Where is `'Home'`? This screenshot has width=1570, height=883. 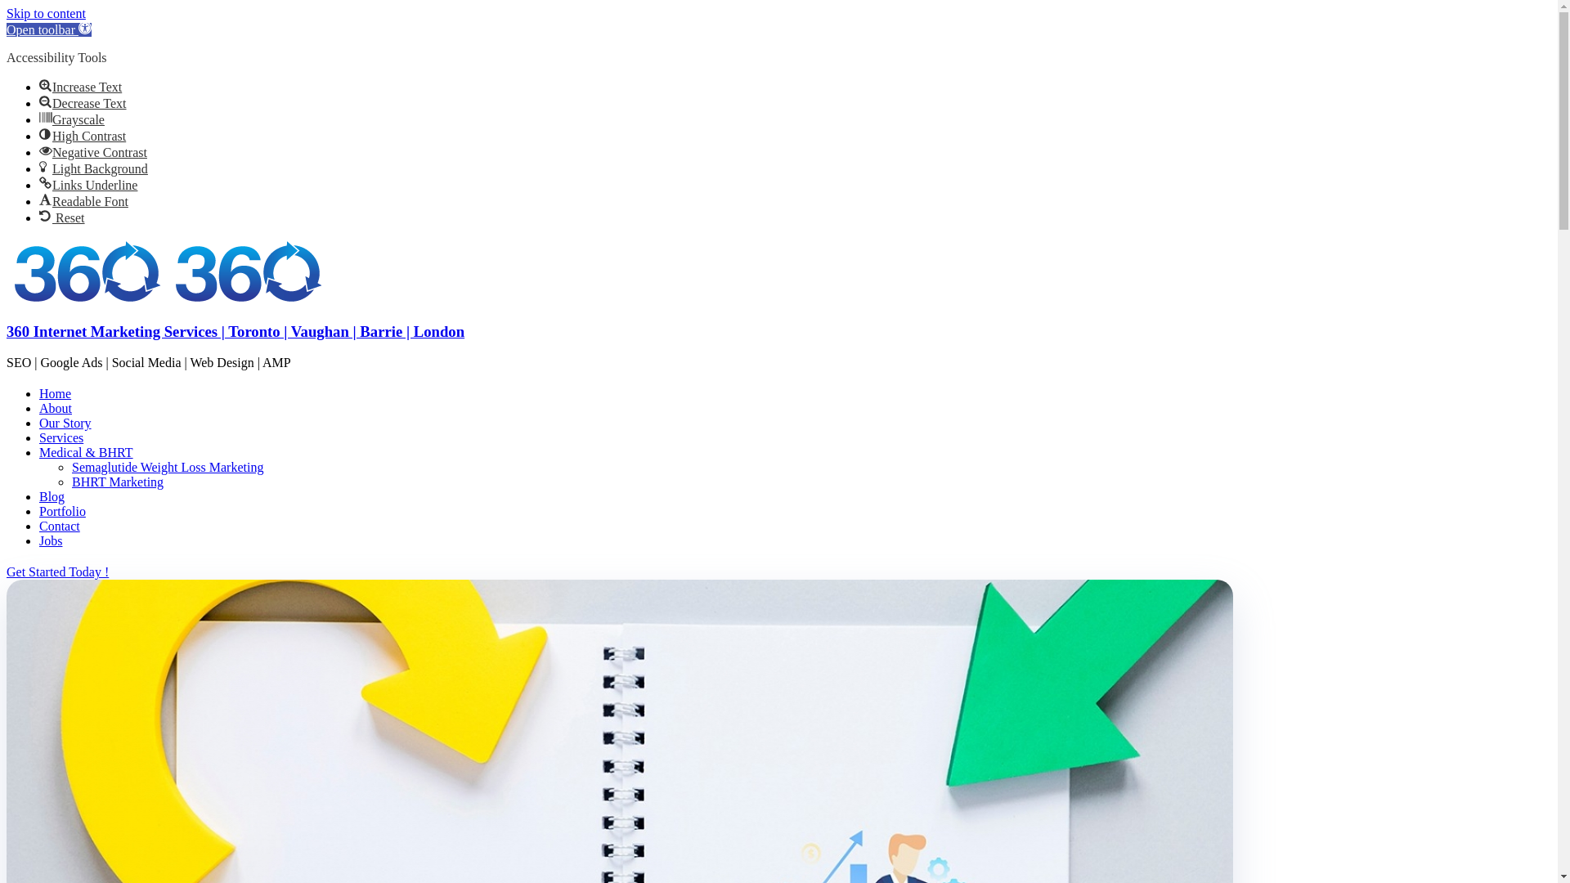
'Home' is located at coordinates (55, 393).